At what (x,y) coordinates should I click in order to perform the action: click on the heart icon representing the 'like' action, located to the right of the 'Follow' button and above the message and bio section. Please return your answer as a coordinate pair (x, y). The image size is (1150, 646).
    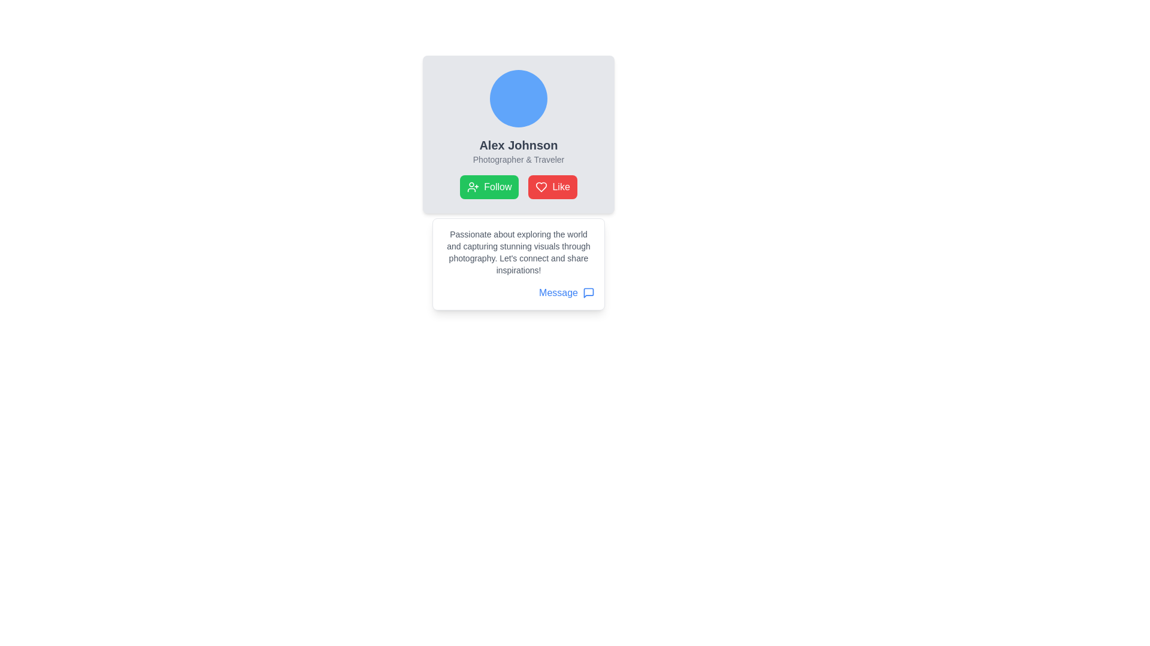
    Looking at the image, I should click on (541, 187).